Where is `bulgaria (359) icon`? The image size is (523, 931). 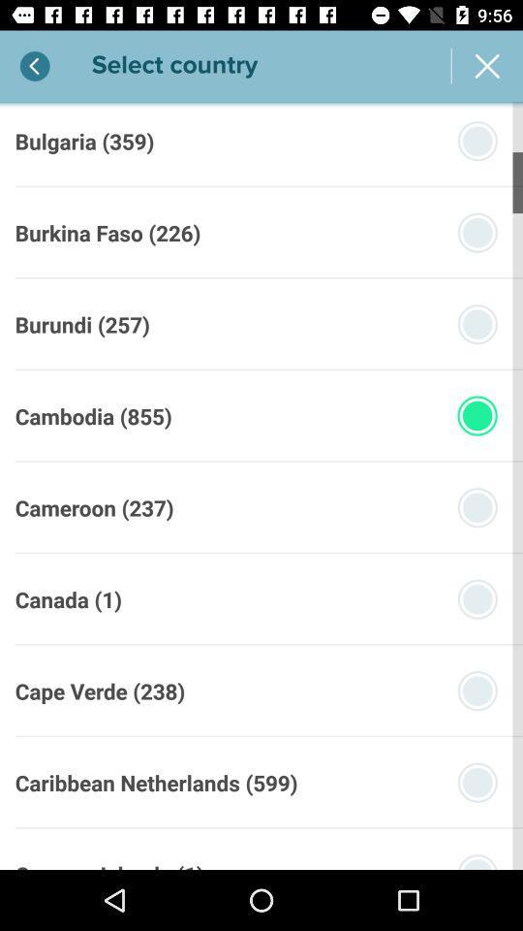 bulgaria (359) icon is located at coordinates (83, 140).